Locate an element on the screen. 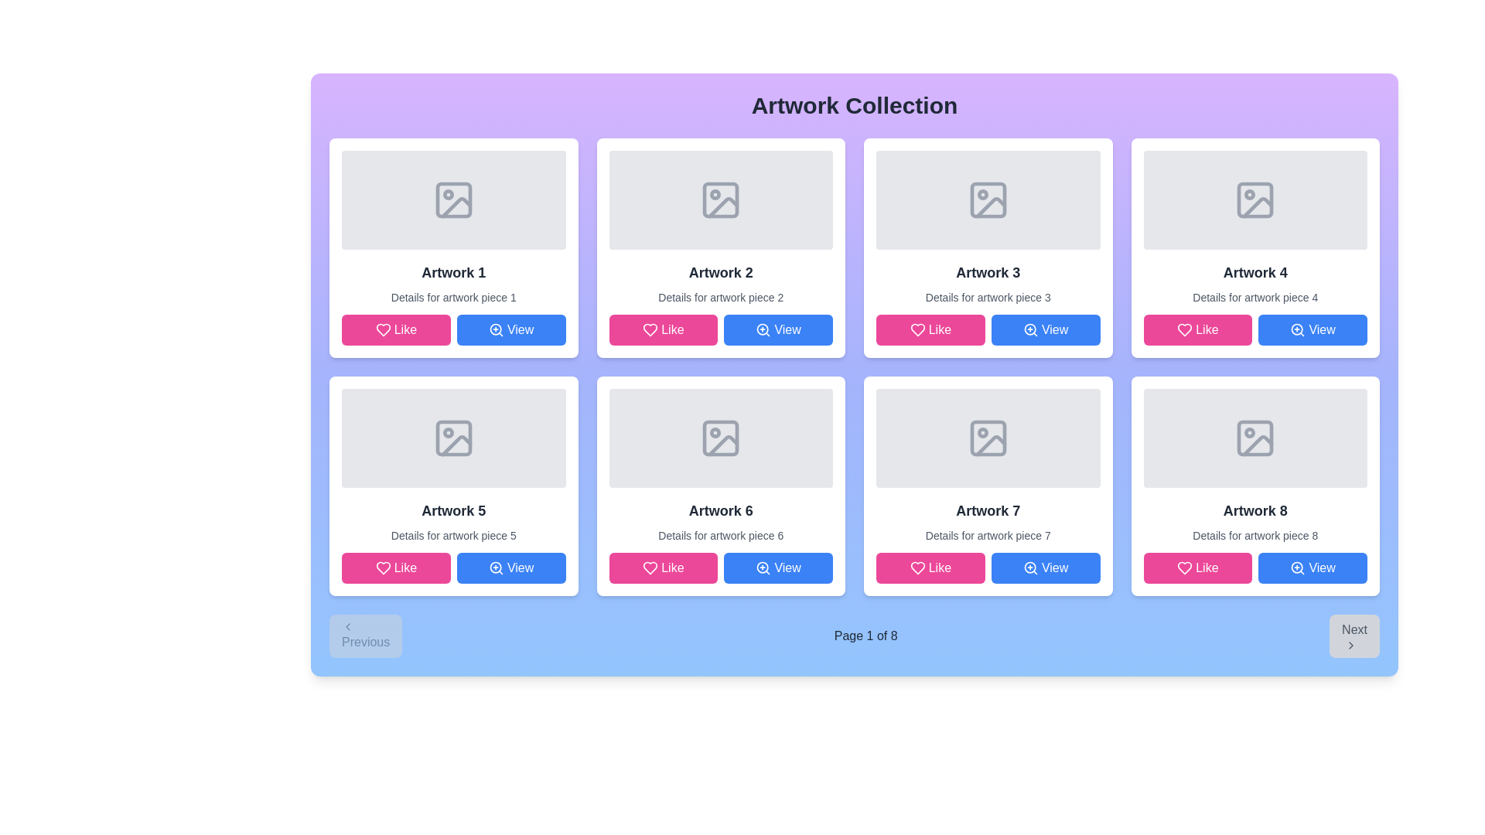  the magnifying glass icon with a plus sign inside, which indicates a zoom-in function is located at coordinates (496, 329).